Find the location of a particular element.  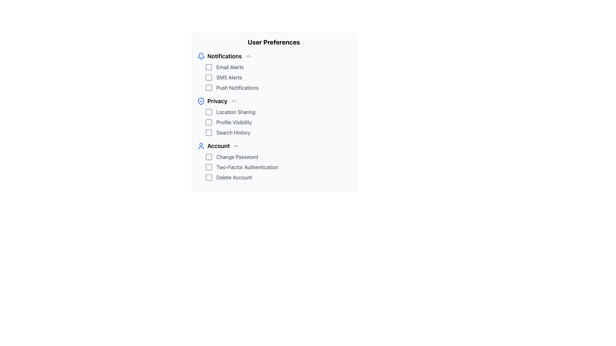

the checkbox located to the left of 'Two-Factor Authentication' in the 'Account' options list is located at coordinates (209, 167).